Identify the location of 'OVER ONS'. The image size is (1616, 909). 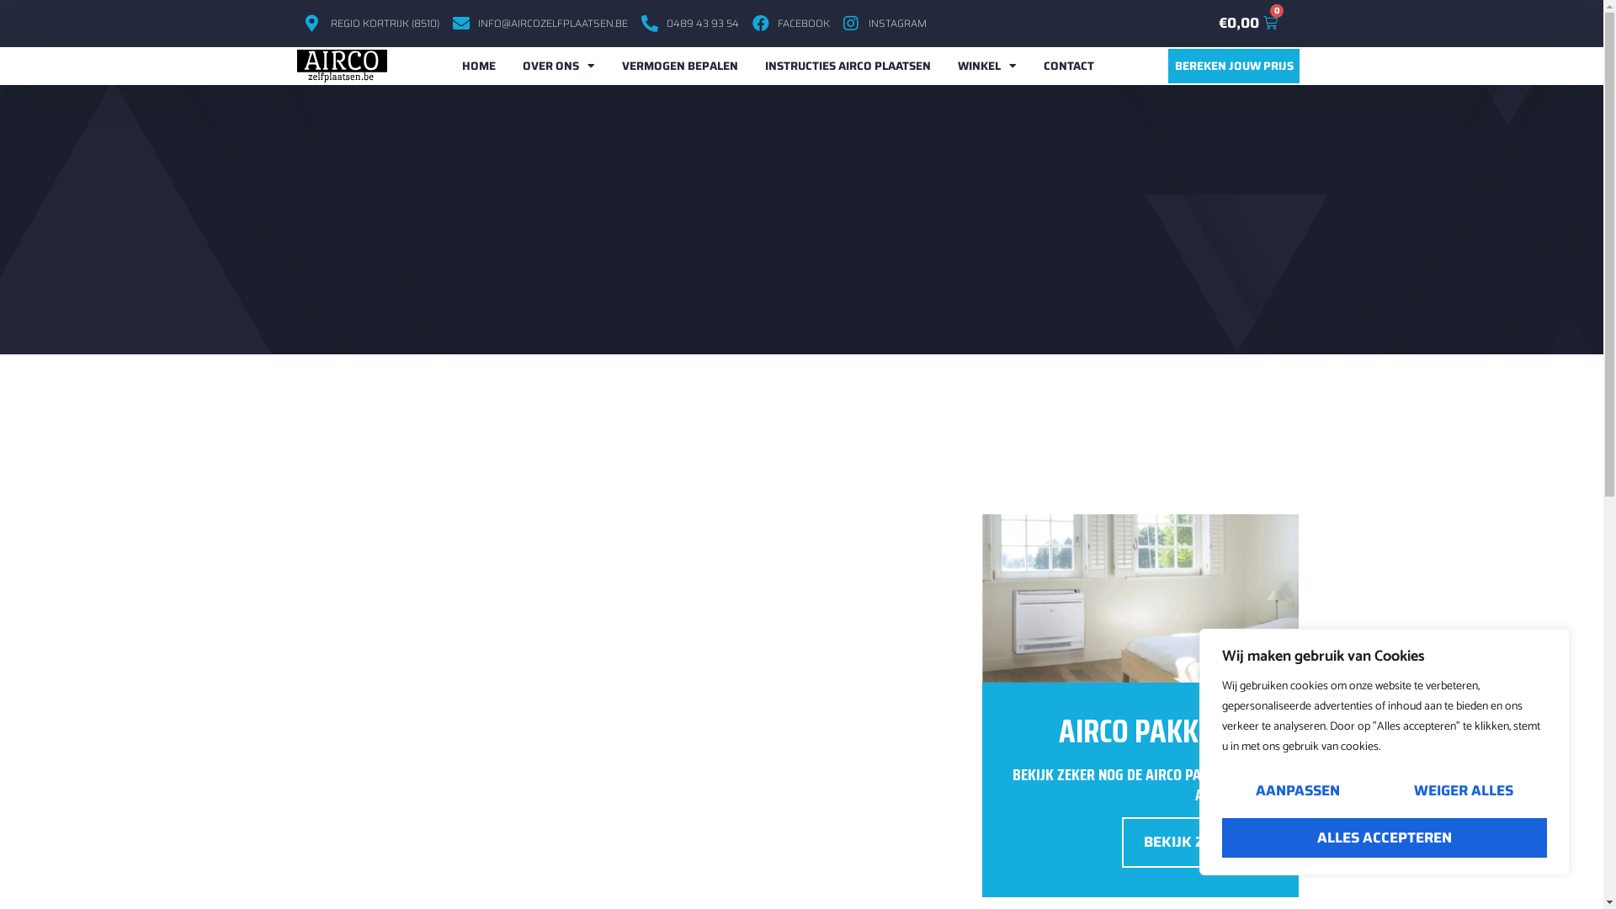
(558, 65).